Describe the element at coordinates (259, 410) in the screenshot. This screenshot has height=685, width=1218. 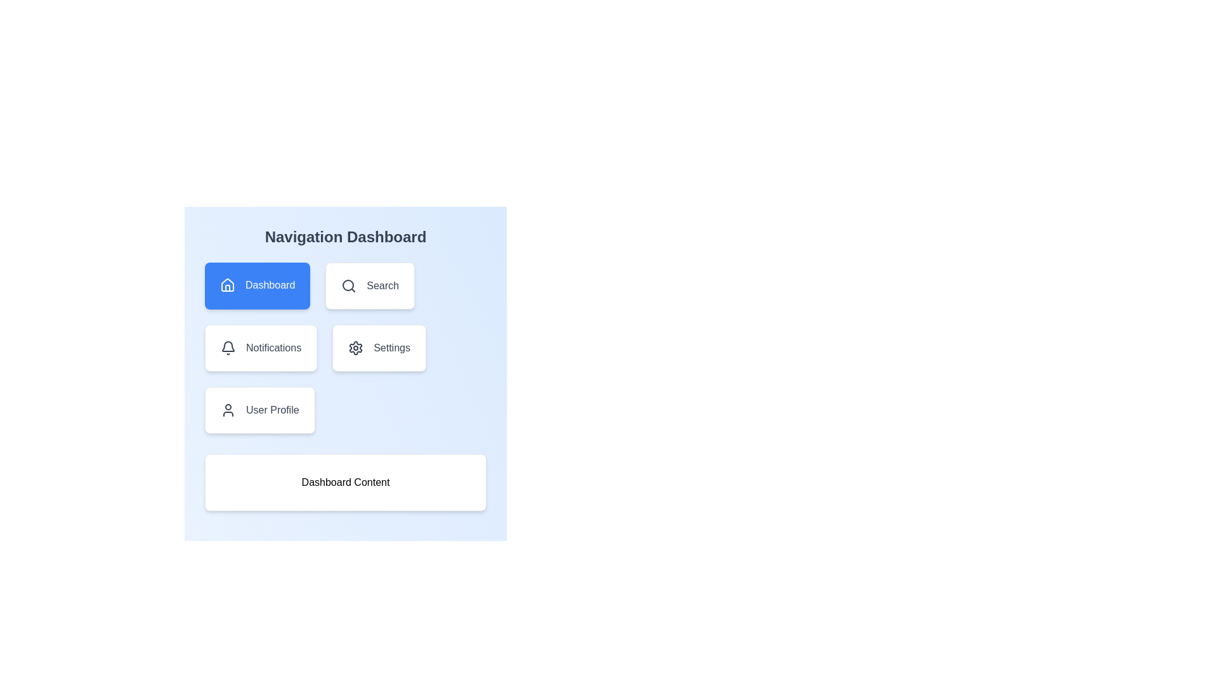
I see `the 'User Profile' button located near the bottom-left corner of the 'Navigation Dashboard', which features a user profile icon and textual label aligned horizontally` at that location.